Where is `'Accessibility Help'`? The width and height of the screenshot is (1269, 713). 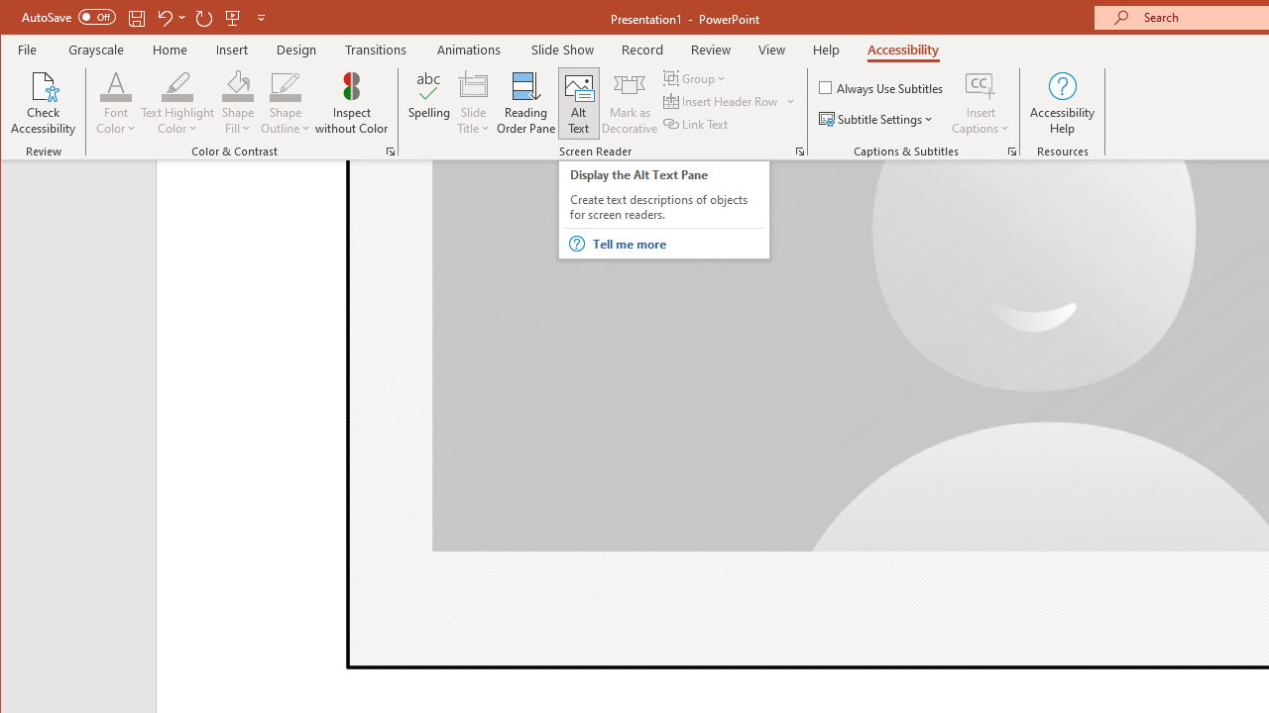 'Accessibility Help' is located at coordinates (1062, 103).